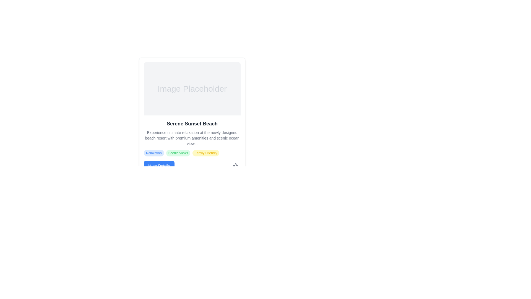 The width and height of the screenshot is (531, 299). What do you see at coordinates (192, 88) in the screenshot?
I see `the Image placeholder, which is a rectangular element with rounded edges and a light gray background containing the text 'Image Placeholder'` at bounding box center [192, 88].